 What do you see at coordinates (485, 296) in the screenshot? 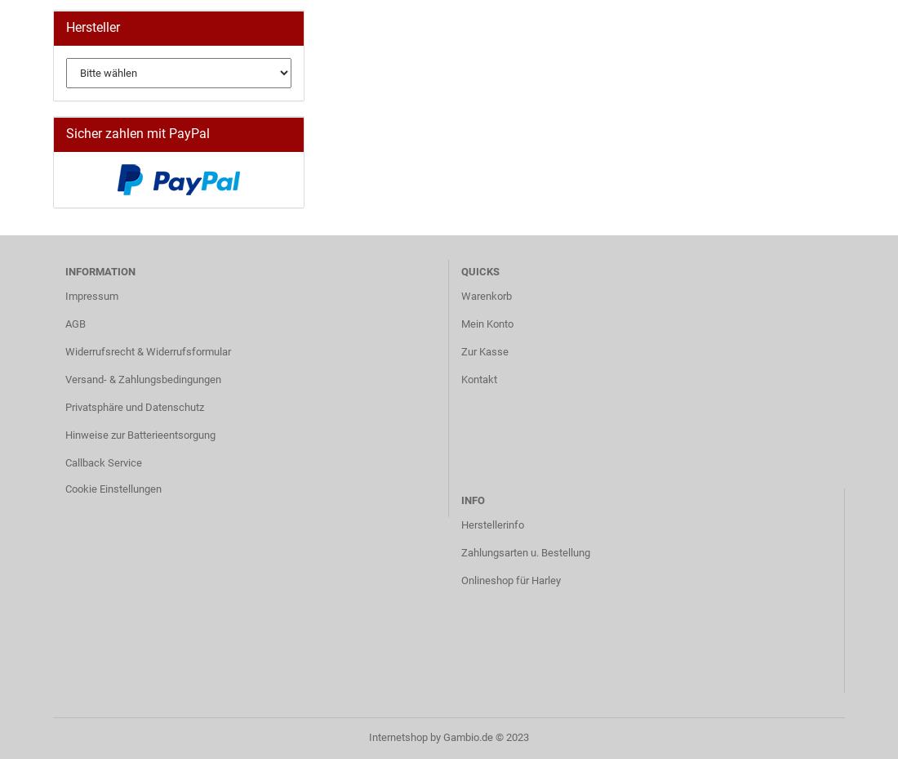
I see `'Warenkorb'` at bounding box center [485, 296].